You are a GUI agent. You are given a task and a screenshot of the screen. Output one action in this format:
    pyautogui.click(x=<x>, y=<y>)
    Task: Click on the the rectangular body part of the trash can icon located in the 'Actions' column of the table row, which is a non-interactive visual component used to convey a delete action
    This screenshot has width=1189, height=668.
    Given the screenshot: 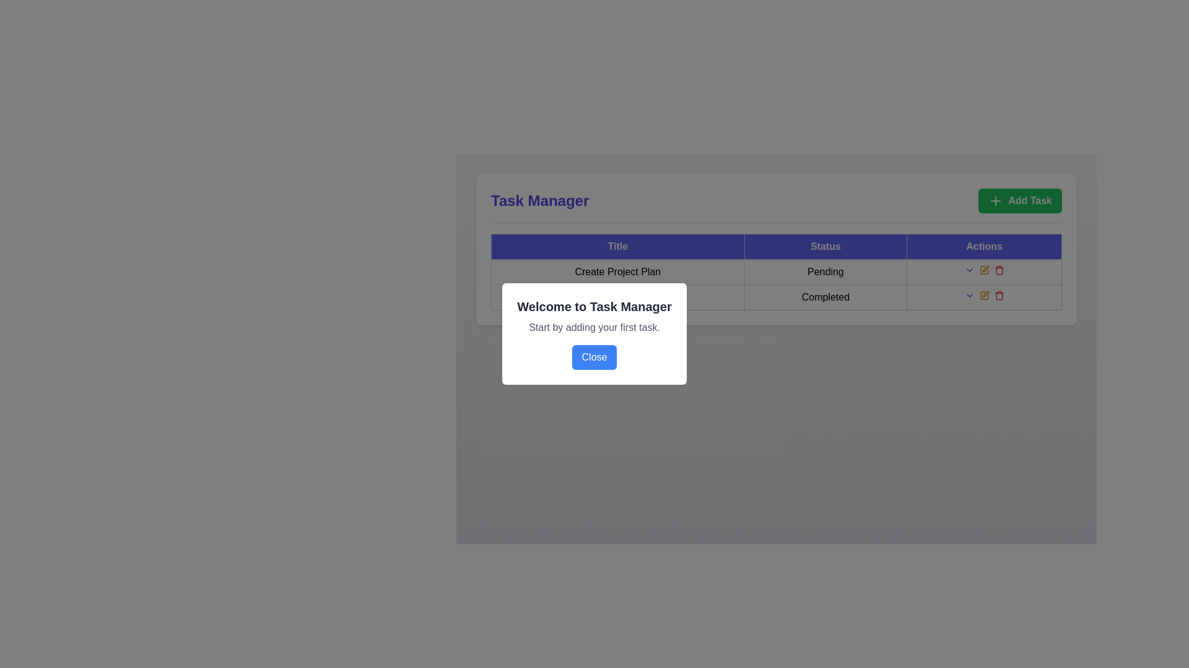 What is the action you would take?
    pyautogui.click(x=999, y=270)
    